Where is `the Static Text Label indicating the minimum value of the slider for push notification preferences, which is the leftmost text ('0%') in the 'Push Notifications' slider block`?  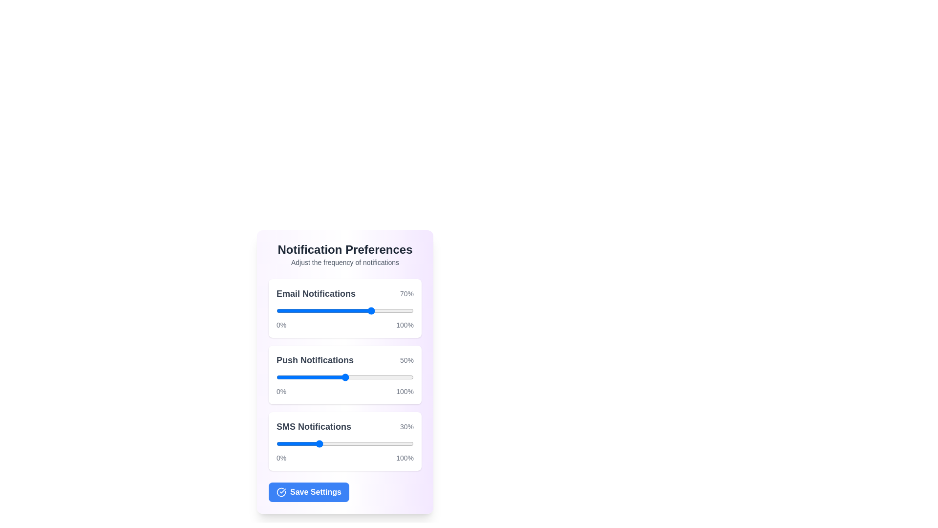 the Static Text Label indicating the minimum value of the slider for push notification preferences, which is the leftmost text ('0%') in the 'Push Notifications' slider block is located at coordinates (281, 391).